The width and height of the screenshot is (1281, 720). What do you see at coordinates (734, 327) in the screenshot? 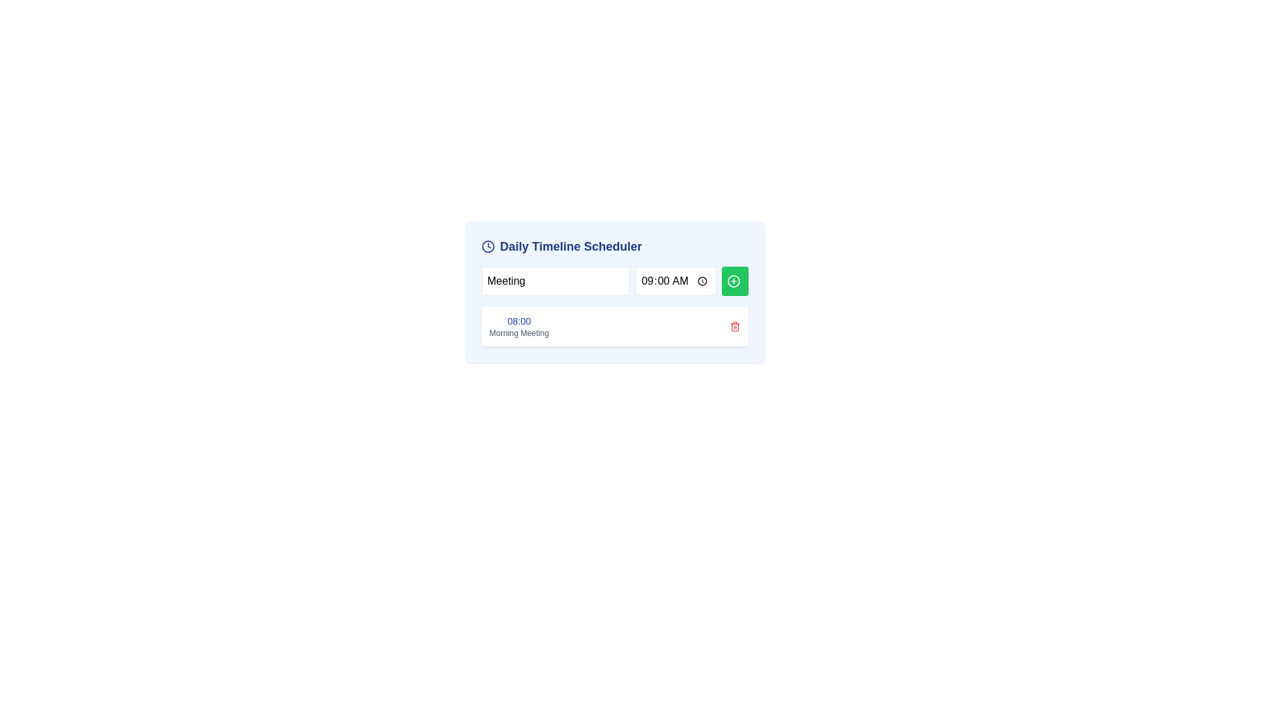
I see `the visual representation of the trash can icon segment, which is a rectangular shape with a thin, rounded outline, located within the lower-right area of the 'Daily Timeline Scheduler' card` at bounding box center [734, 327].